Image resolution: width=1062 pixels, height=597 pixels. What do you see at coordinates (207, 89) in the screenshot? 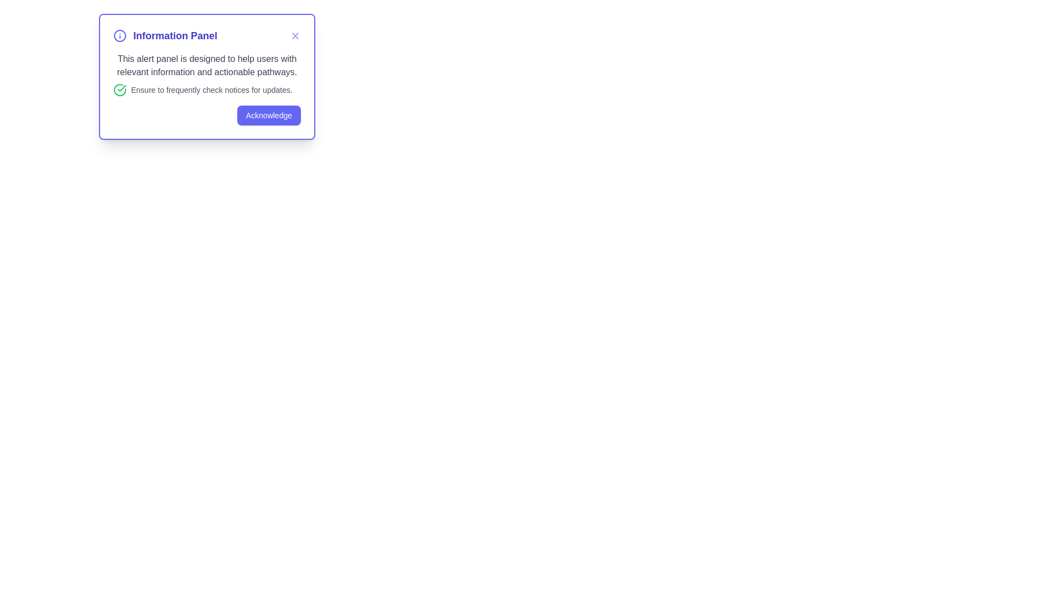
I see `informational text that includes a green checkmark icon and the message 'Ensure to frequently check notices for updates.' located in the notification panel` at bounding box center [207, 89].